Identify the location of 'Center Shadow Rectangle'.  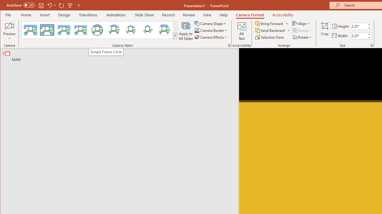
(64, 30).